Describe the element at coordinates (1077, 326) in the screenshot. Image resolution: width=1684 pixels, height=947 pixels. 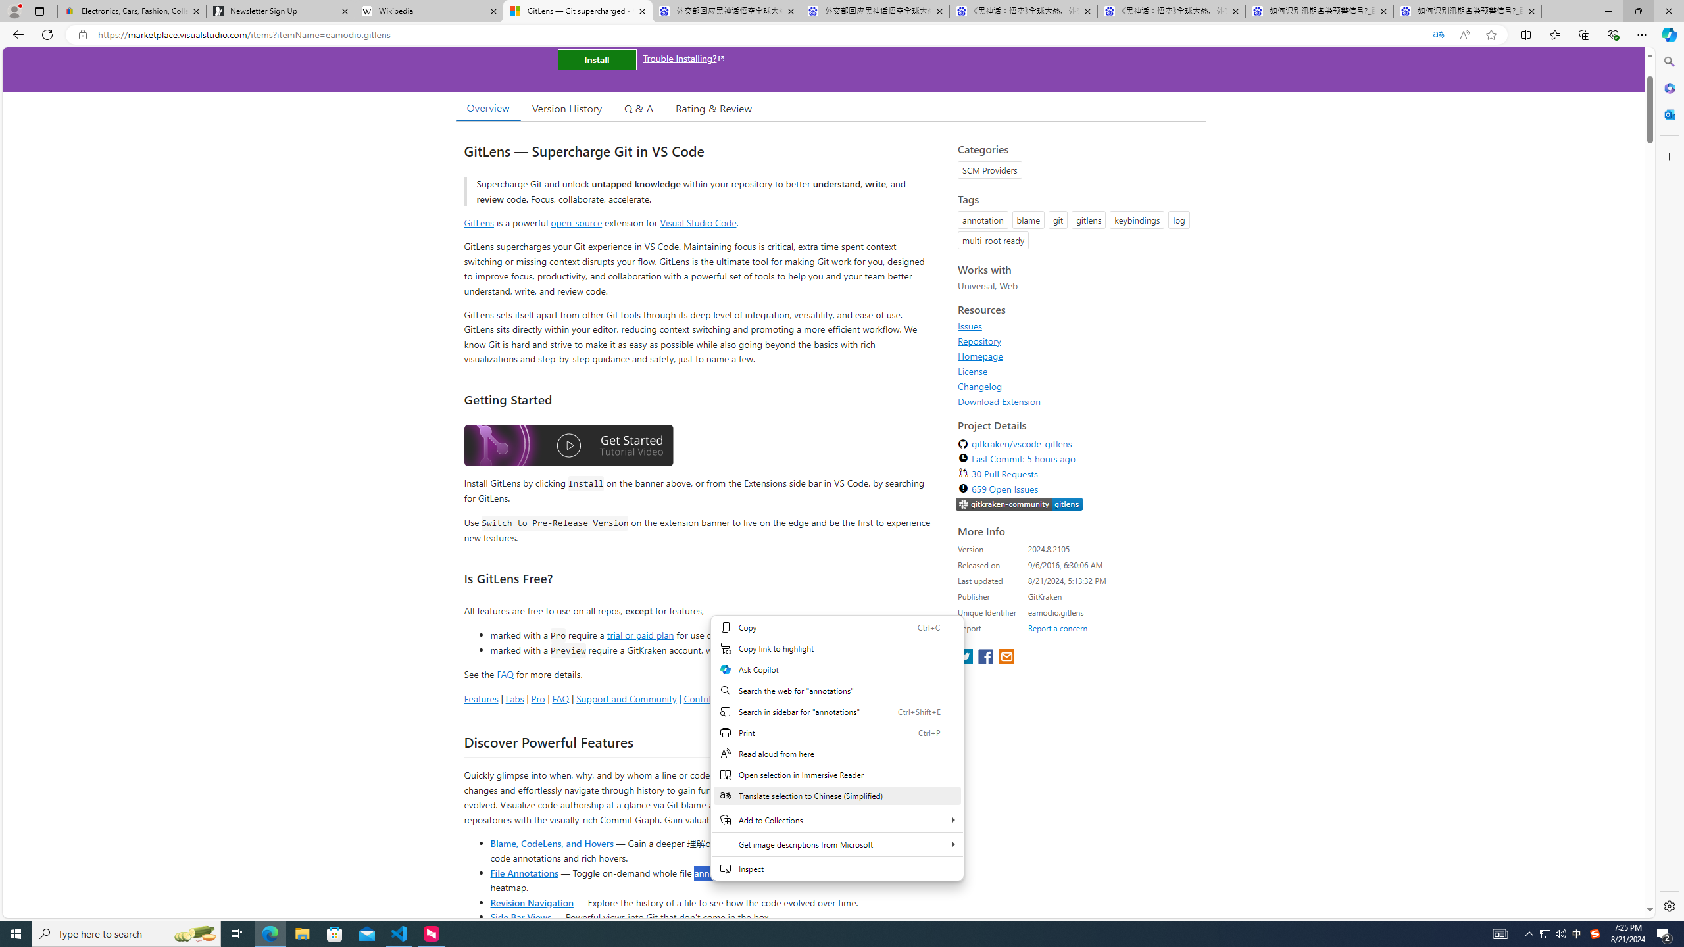
I see `'Issues'` at that location.